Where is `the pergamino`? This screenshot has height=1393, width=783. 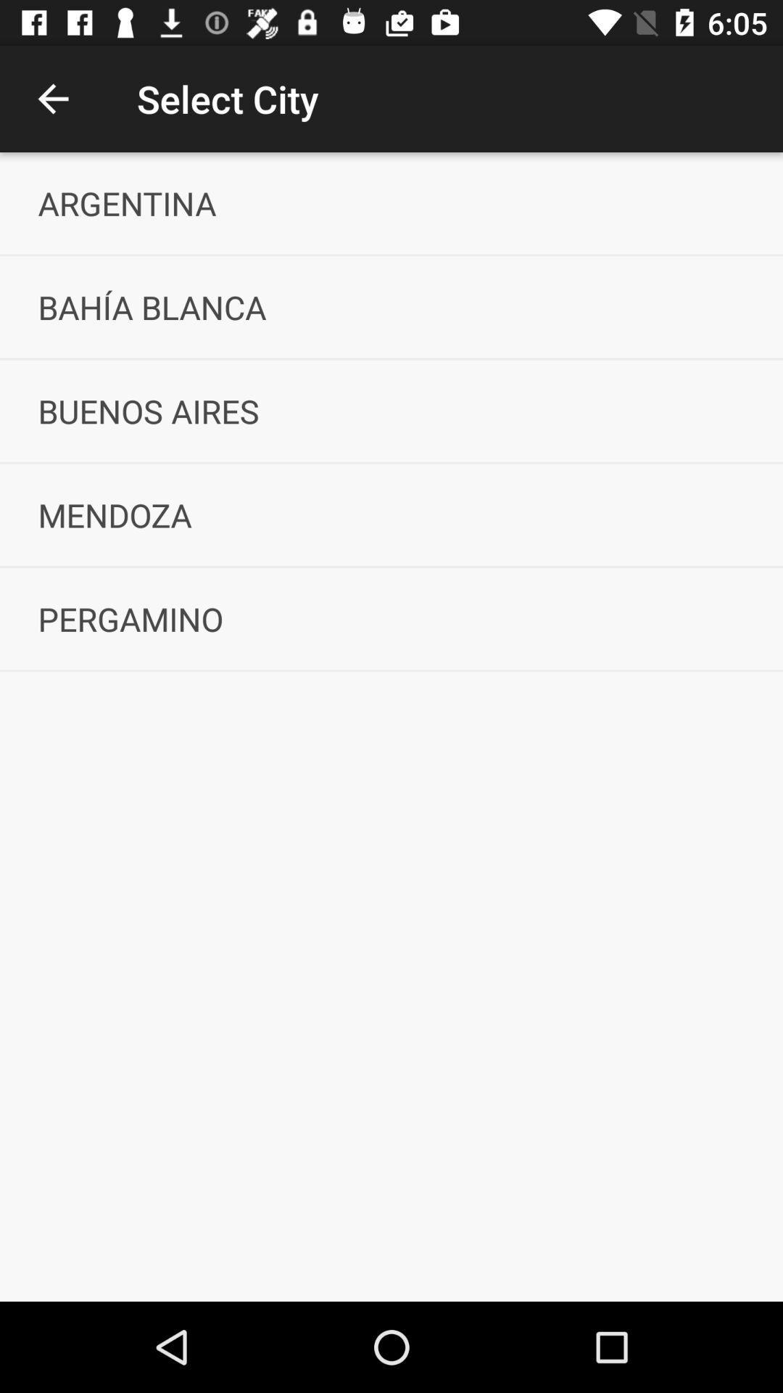
the pergamino is located at coordinates (391, 619).